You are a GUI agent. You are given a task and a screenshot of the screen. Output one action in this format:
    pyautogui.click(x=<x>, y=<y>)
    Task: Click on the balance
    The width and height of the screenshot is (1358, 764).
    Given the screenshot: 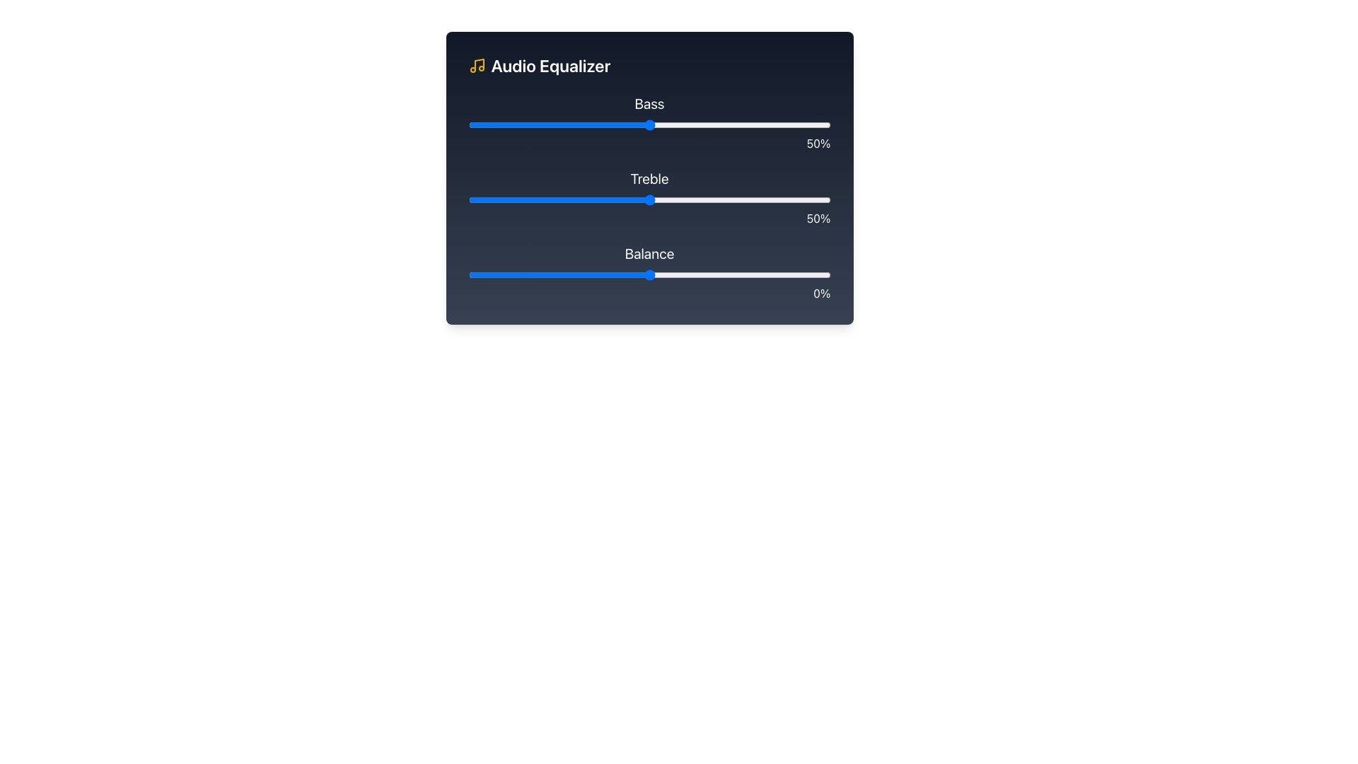 What is the action you would take?
    pyautogui.click(x=689, y=275)
    